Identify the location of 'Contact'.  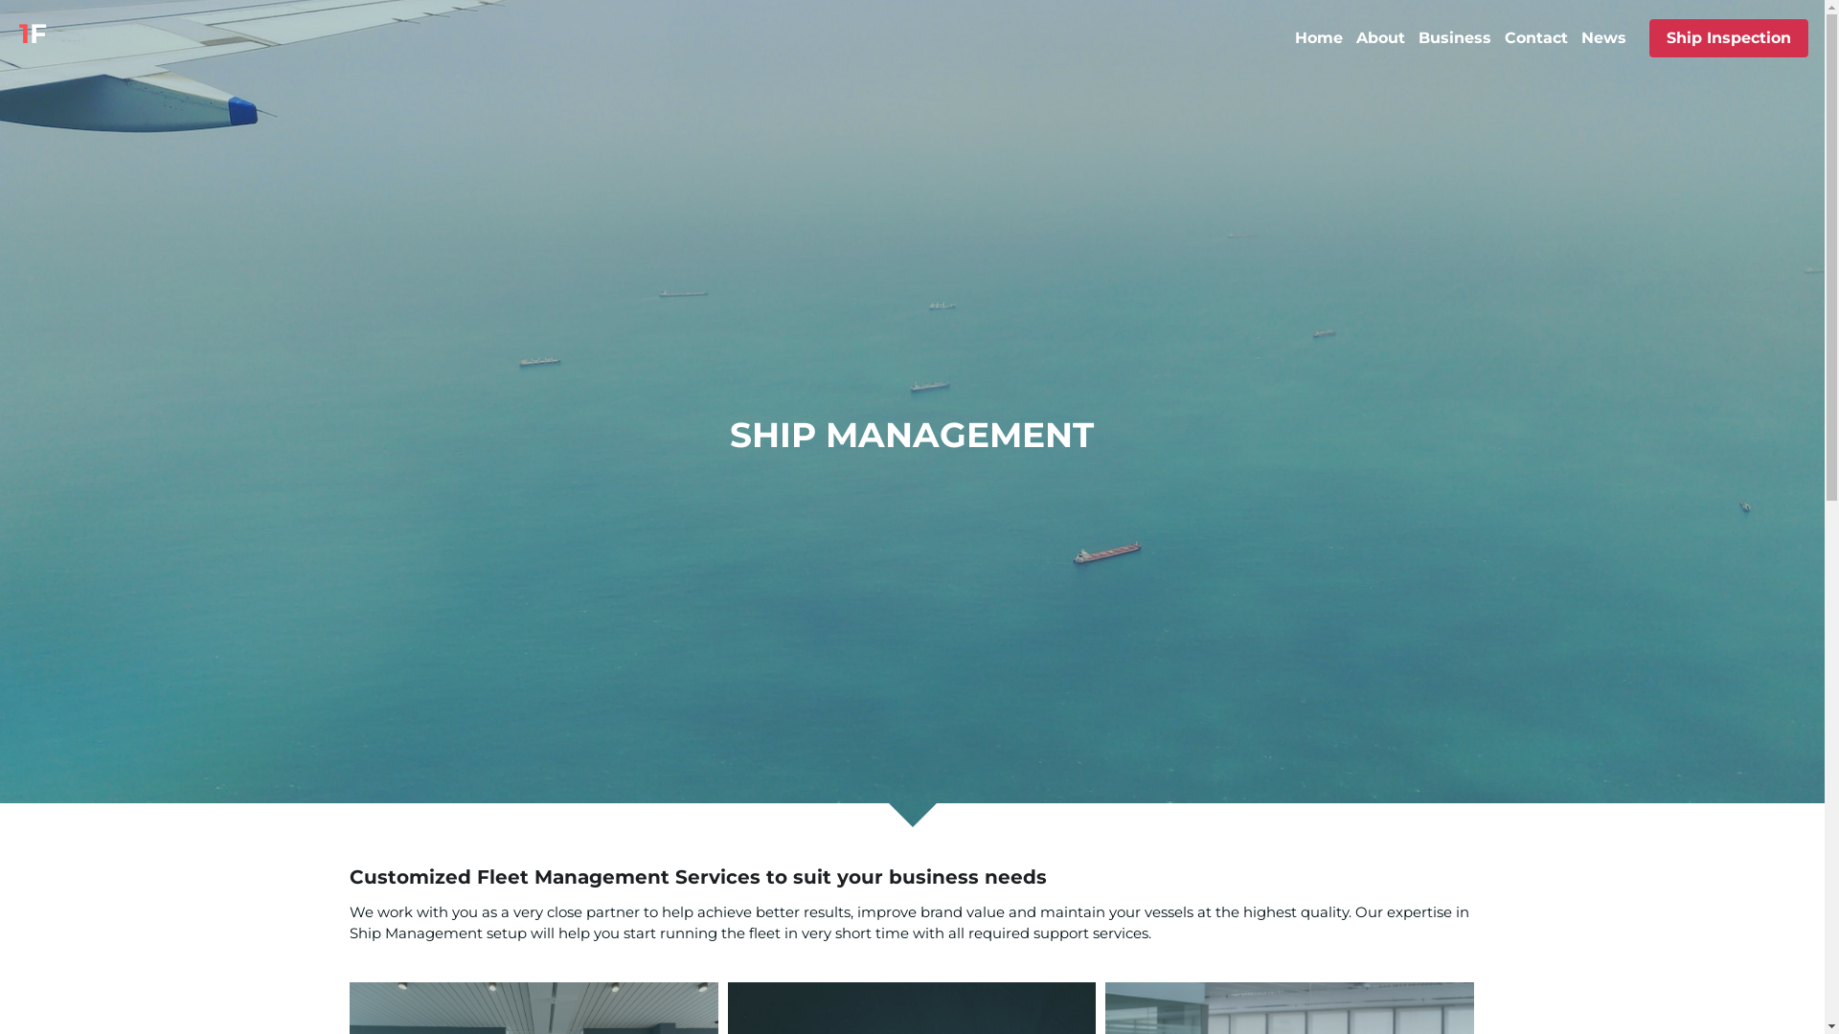
(1503, 37).